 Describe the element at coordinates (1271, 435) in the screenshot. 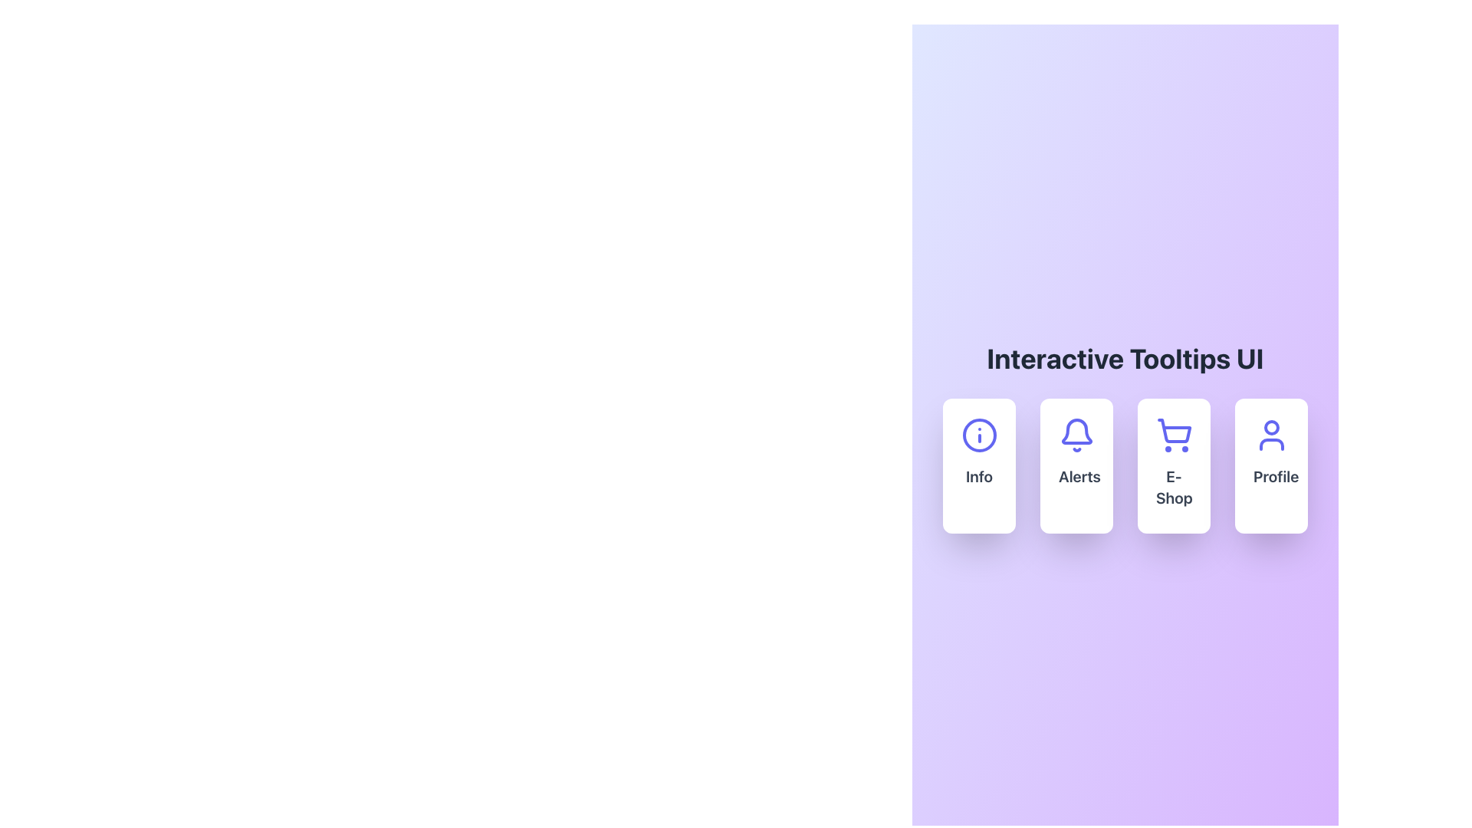

I see `the user profile icon, which is styled in minimalist line art and is located centrally within the 'Profile' card in the UI` at that location.